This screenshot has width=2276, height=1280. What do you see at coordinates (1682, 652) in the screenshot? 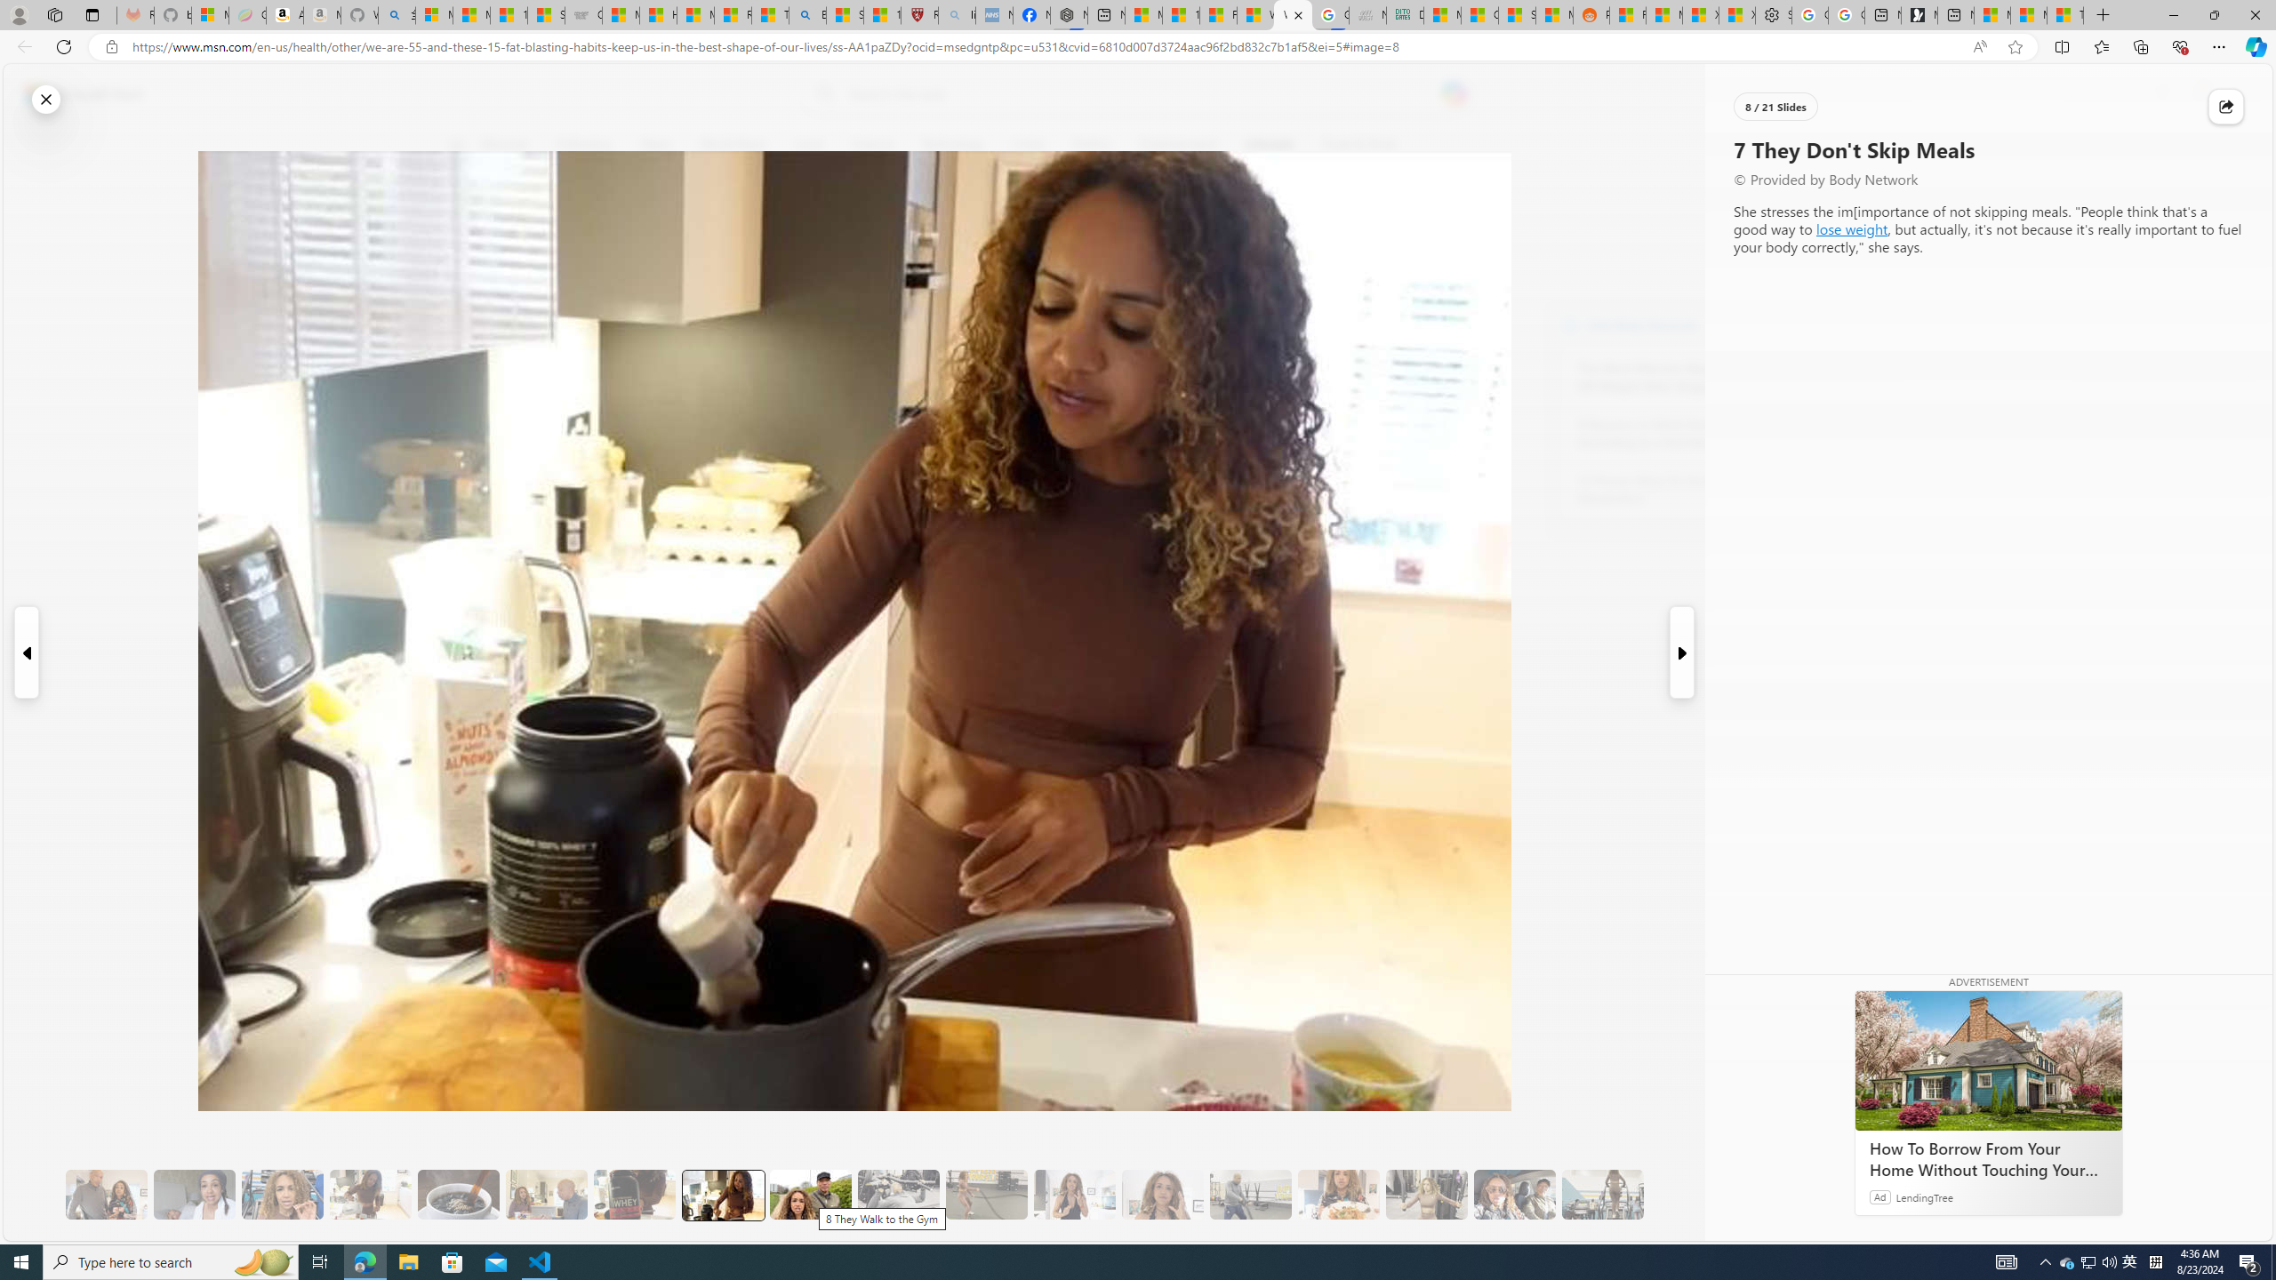
I see `'Next Slide'` at bounding box center [1682, 652].